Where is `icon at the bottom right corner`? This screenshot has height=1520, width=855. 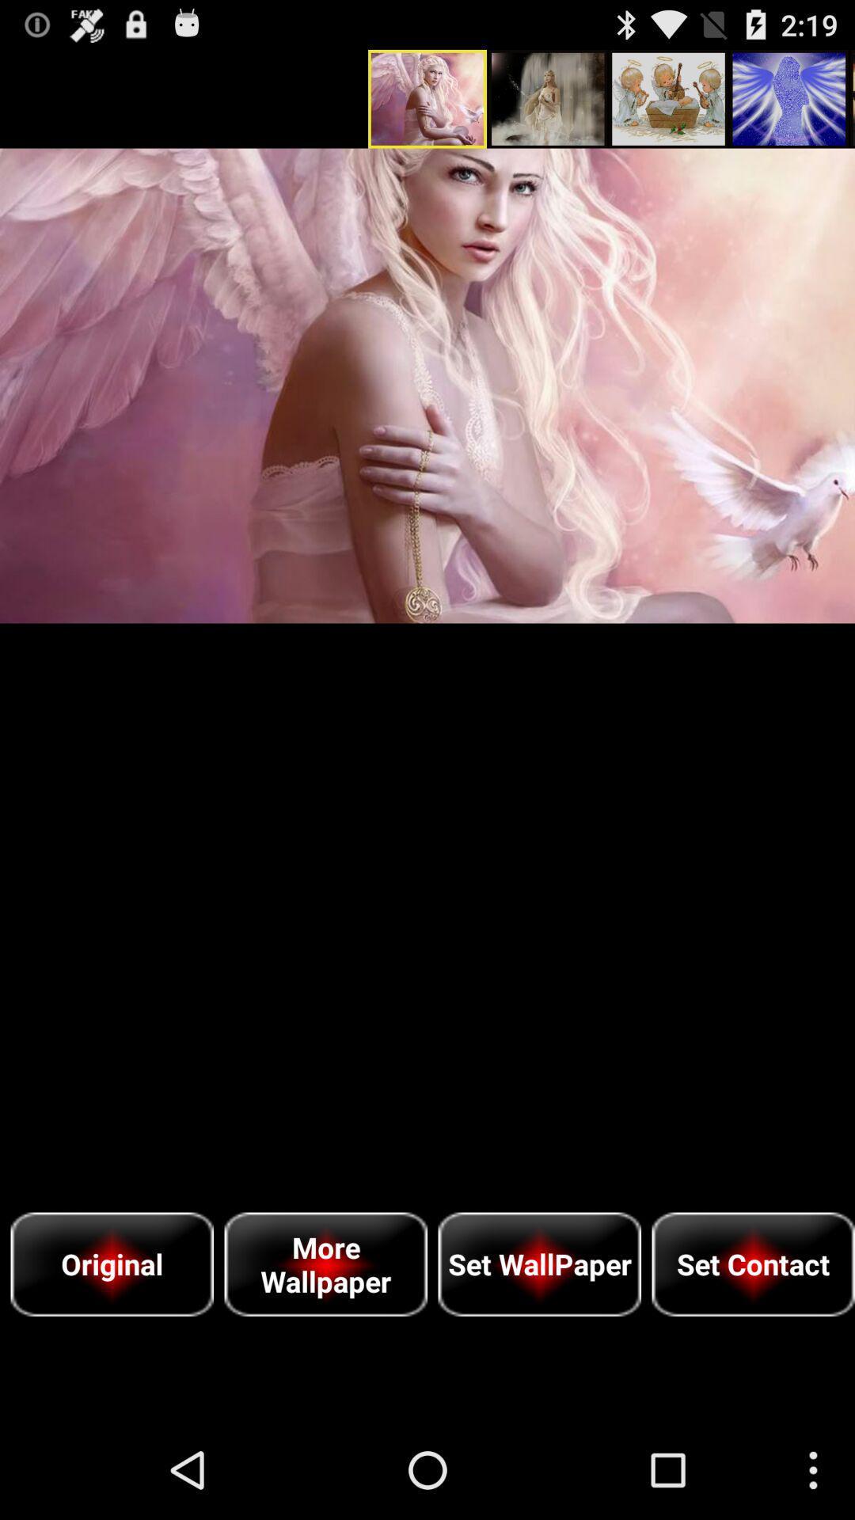 icon at the bottom right corner is located at coordinates (752, 1263).